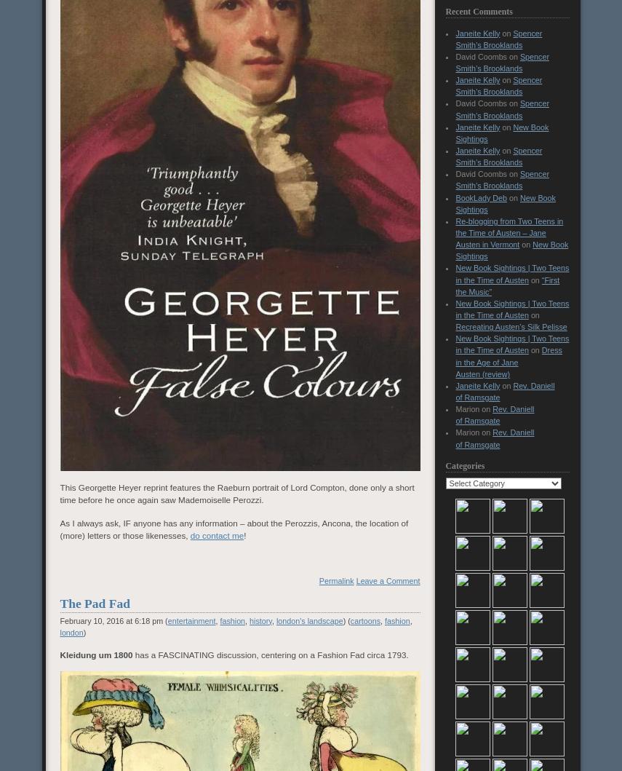 This screenshot has height=771, width=622. Describe the element at coordinates (507, 361) in the screenshot. I see `'Dress in the Age of Jane Austen (review)'` at that location.